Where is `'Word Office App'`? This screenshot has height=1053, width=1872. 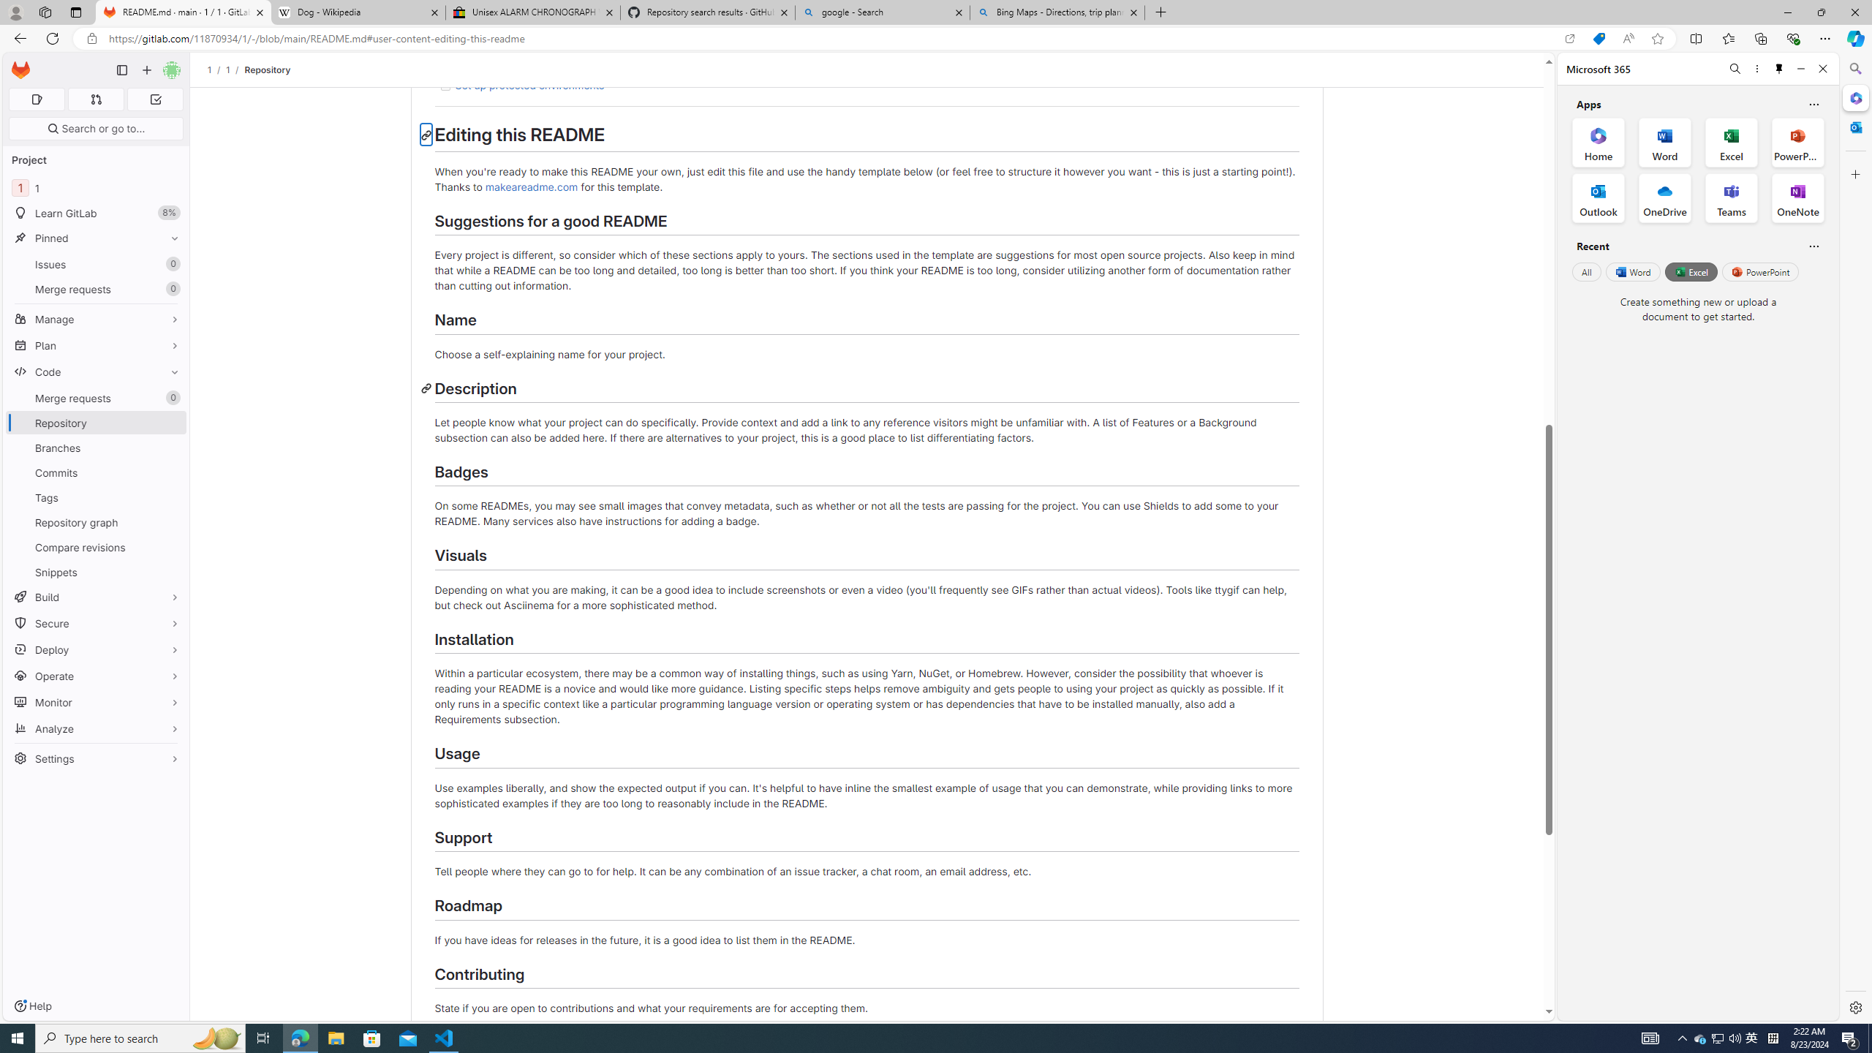 'Word Office App' is located at coordinates (1664, 143).